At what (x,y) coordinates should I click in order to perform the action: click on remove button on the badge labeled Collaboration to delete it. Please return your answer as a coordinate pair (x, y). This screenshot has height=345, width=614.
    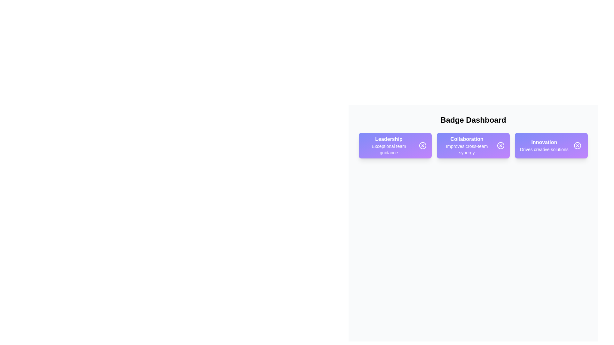
    Looking at the image, I should click on (500, 145).